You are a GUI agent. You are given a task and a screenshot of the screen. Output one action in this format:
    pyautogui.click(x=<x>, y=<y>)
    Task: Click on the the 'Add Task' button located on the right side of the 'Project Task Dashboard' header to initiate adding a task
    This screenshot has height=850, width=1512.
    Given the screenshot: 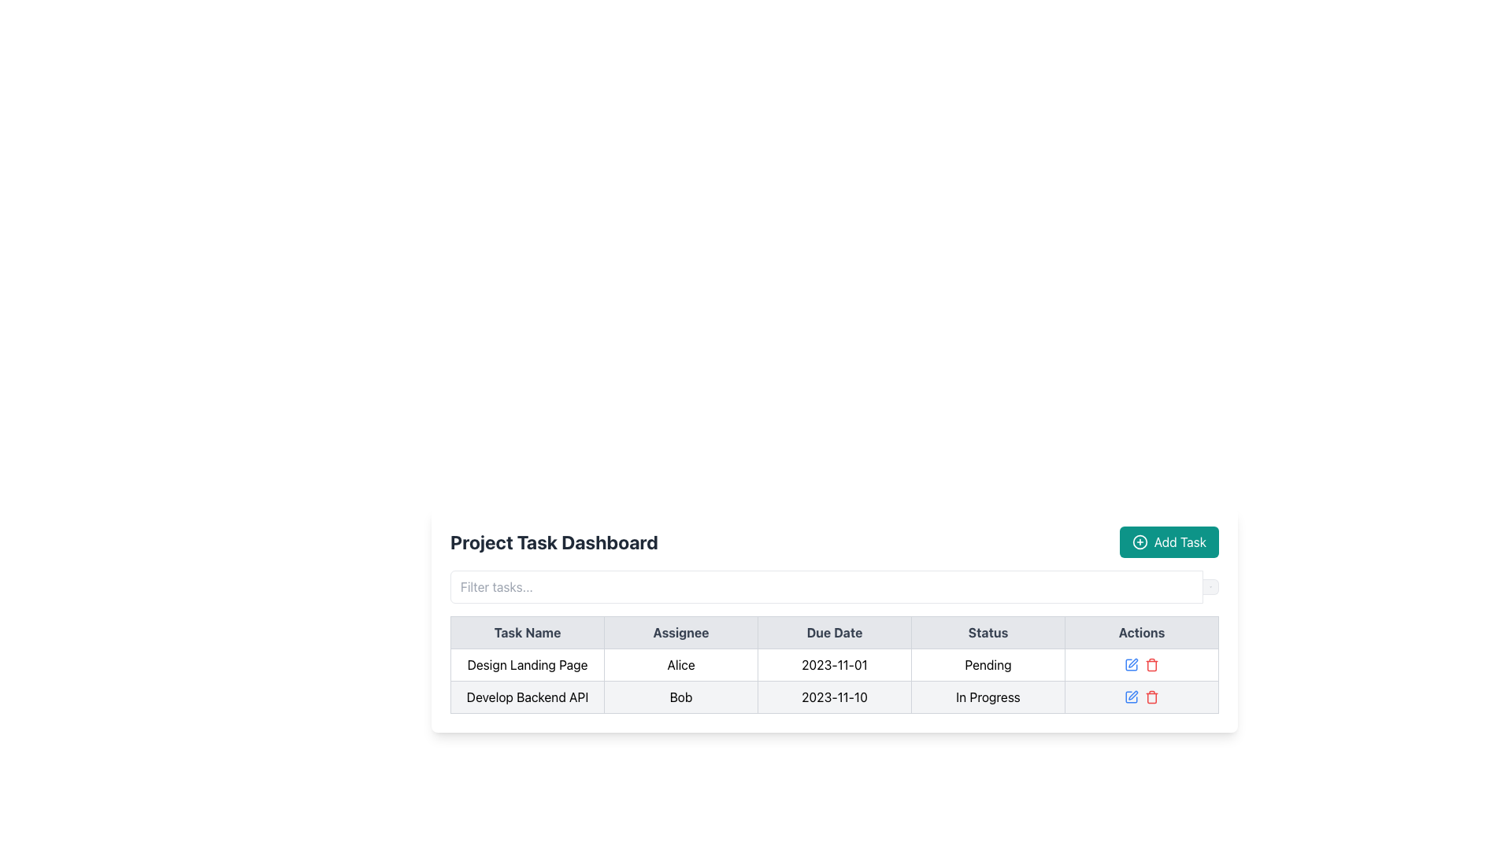 What is the action you would take?
    pyautogui.click(x=1169, y=541)
    